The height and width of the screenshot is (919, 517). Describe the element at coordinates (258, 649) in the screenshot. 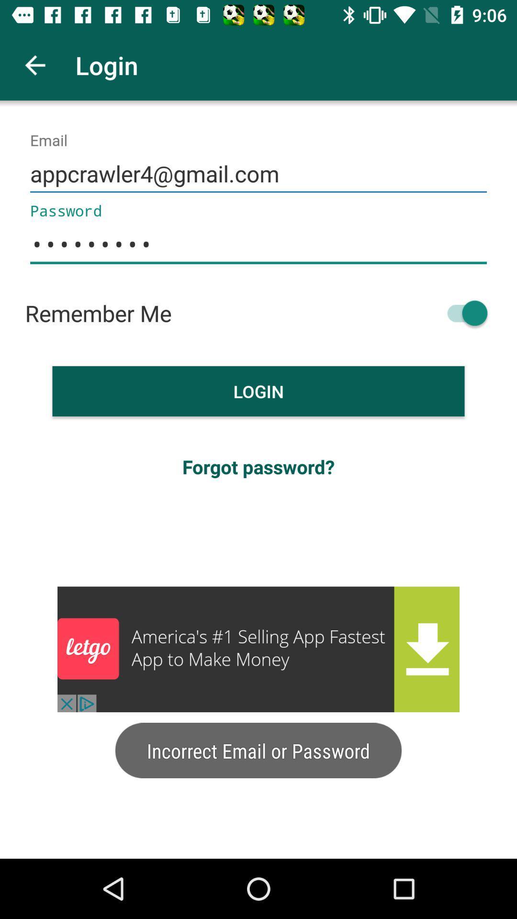

I see `announcement` at that location.